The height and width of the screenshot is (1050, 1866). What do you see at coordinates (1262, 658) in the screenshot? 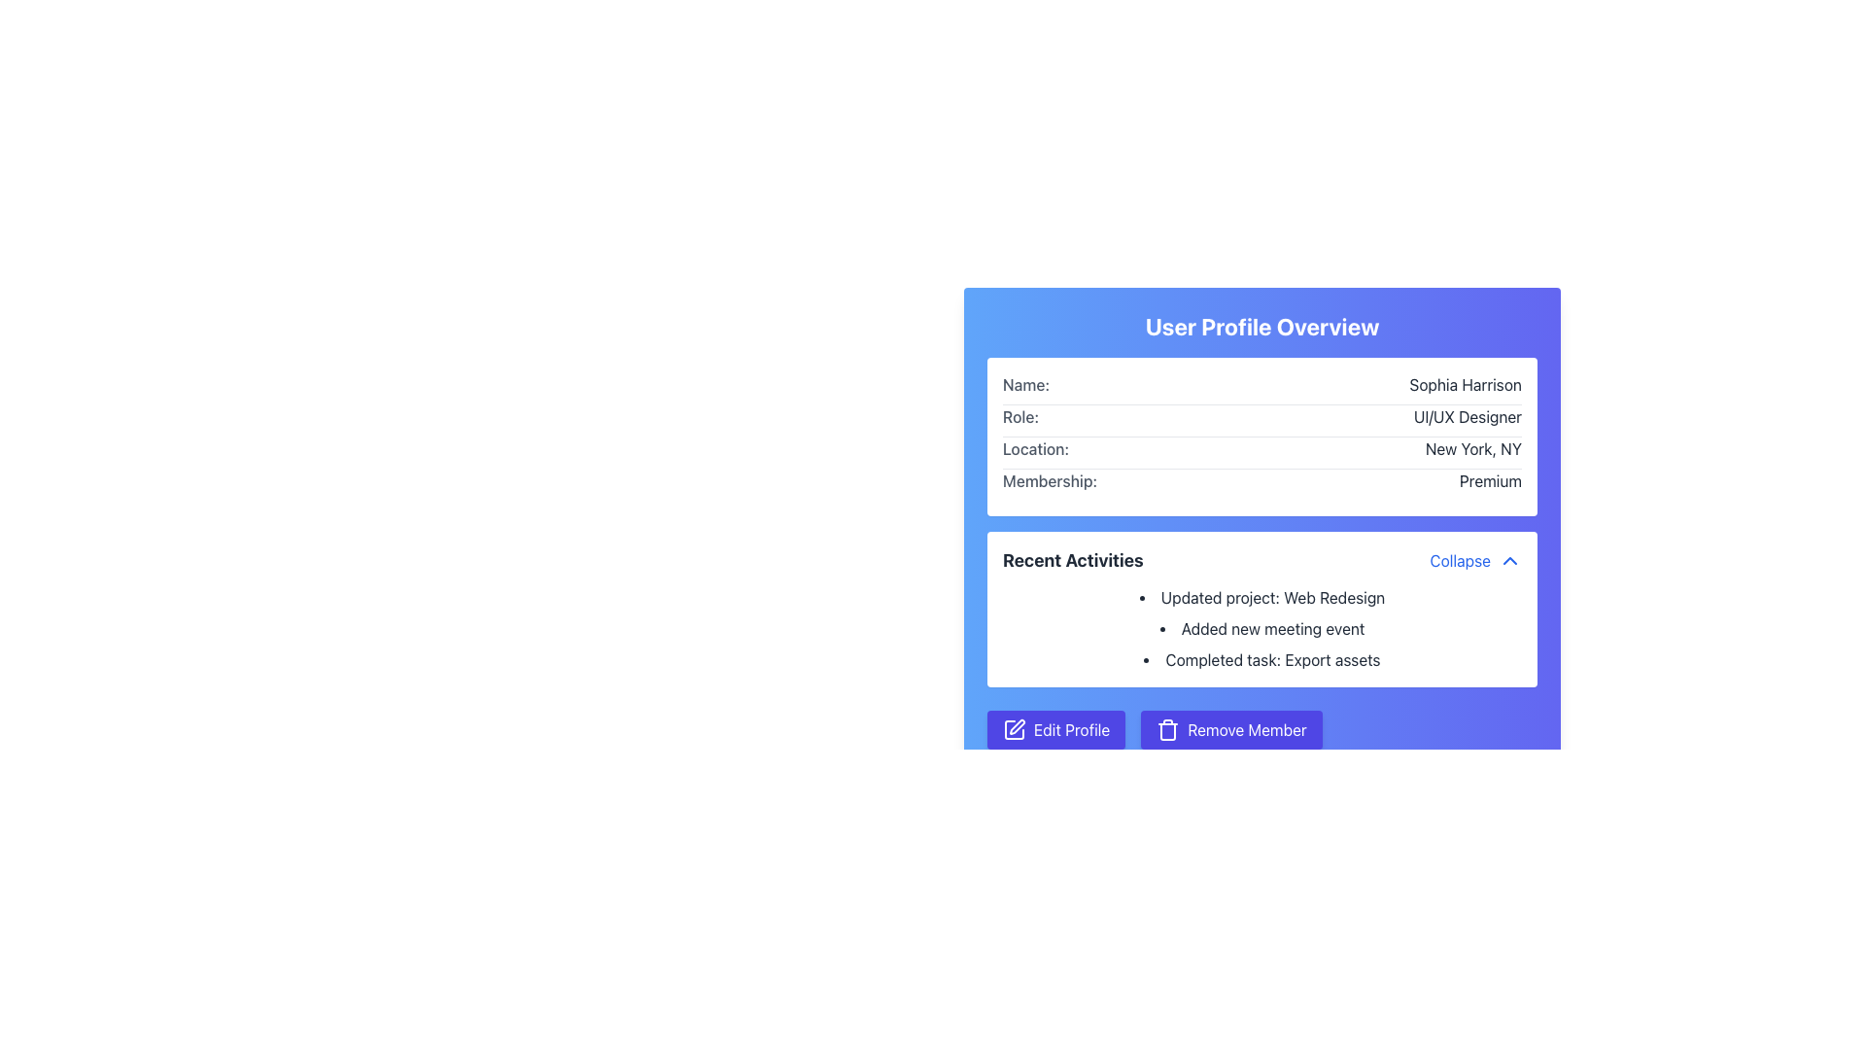
I see `the third text item in the 'Recent Activities' section that conveys a completed task related to exporting assets` at bounding box center [1262, 658].